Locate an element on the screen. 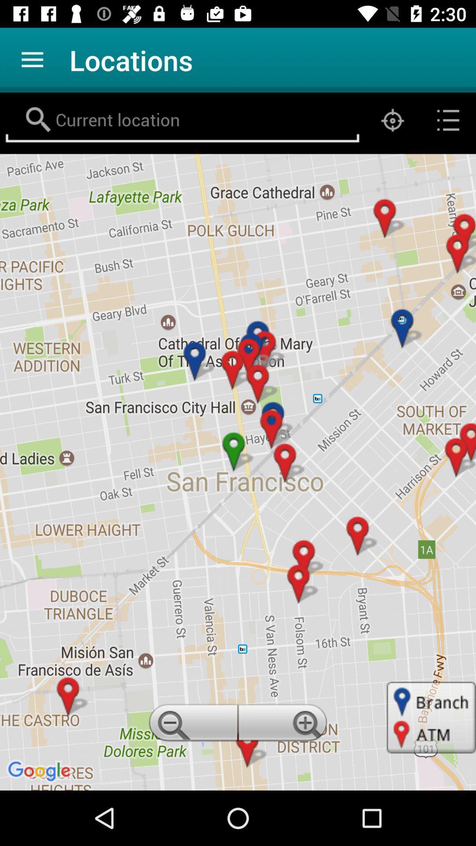 This screenshot has width=476, height=846. search location is located at coordinates (182, 120).